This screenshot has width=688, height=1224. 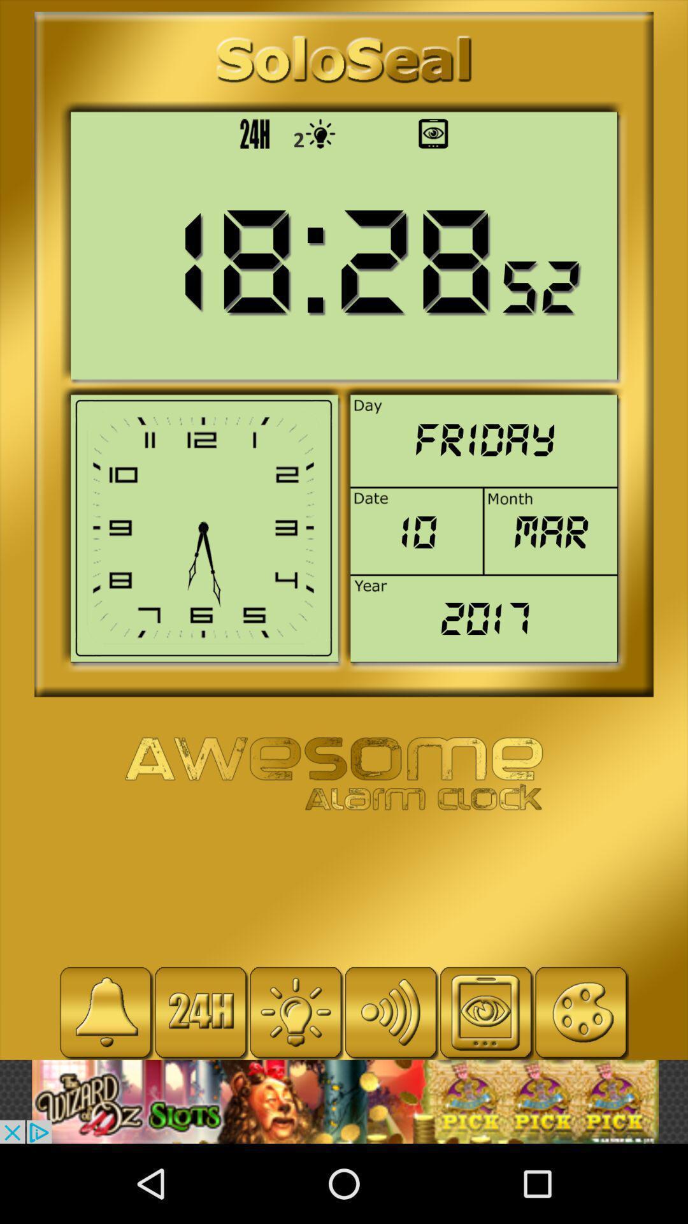 I want to click on alart puttern, so click(x=105, y=1012).